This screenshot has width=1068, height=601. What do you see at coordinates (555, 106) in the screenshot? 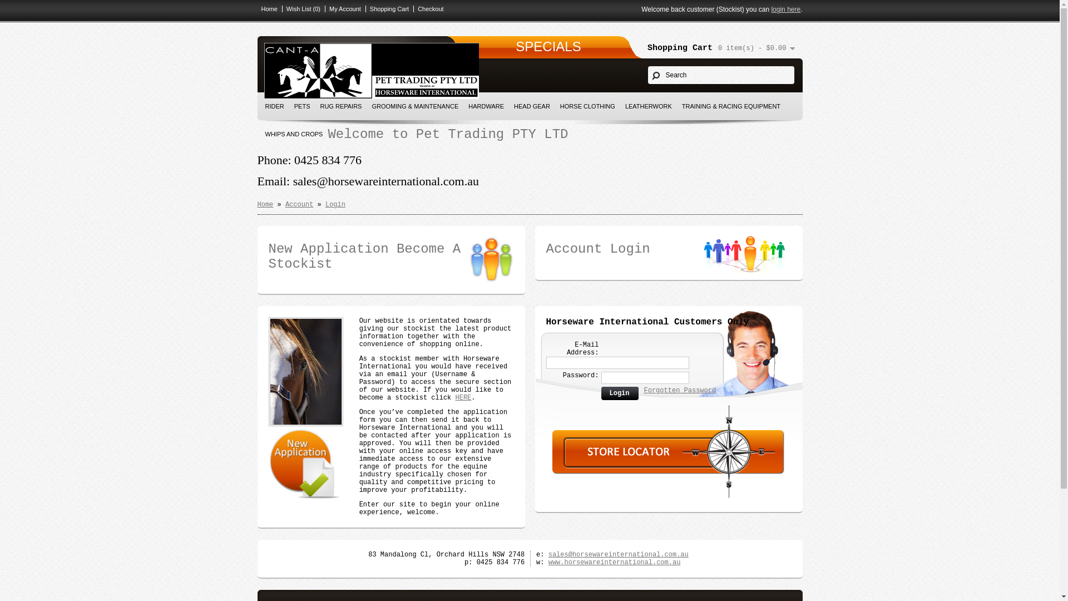
I see `'HORSE CLOTHING'` at bounding box center [555, 106].